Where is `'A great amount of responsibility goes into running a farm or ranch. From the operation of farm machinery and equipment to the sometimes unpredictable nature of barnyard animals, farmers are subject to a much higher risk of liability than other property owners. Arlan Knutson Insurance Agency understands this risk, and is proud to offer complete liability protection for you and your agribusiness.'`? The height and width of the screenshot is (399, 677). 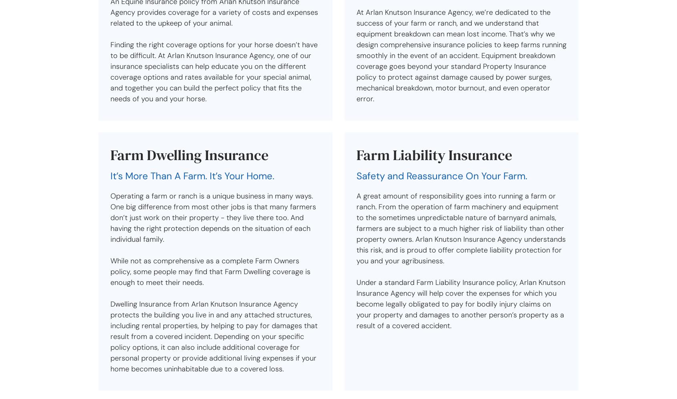
'A great amount of responsibility goes into running a farm or ranch. From the operation of farm machinery and equipment to the sometimes unpredictable nature of barnyard animals, farmers are subject to a much higher risk of liability than other property owners. Arlan Knutson Insurance Agency understands this risk, and is proud to offer complete liability protection for you and your agribusiness.' is located at coordinates (461, 228).